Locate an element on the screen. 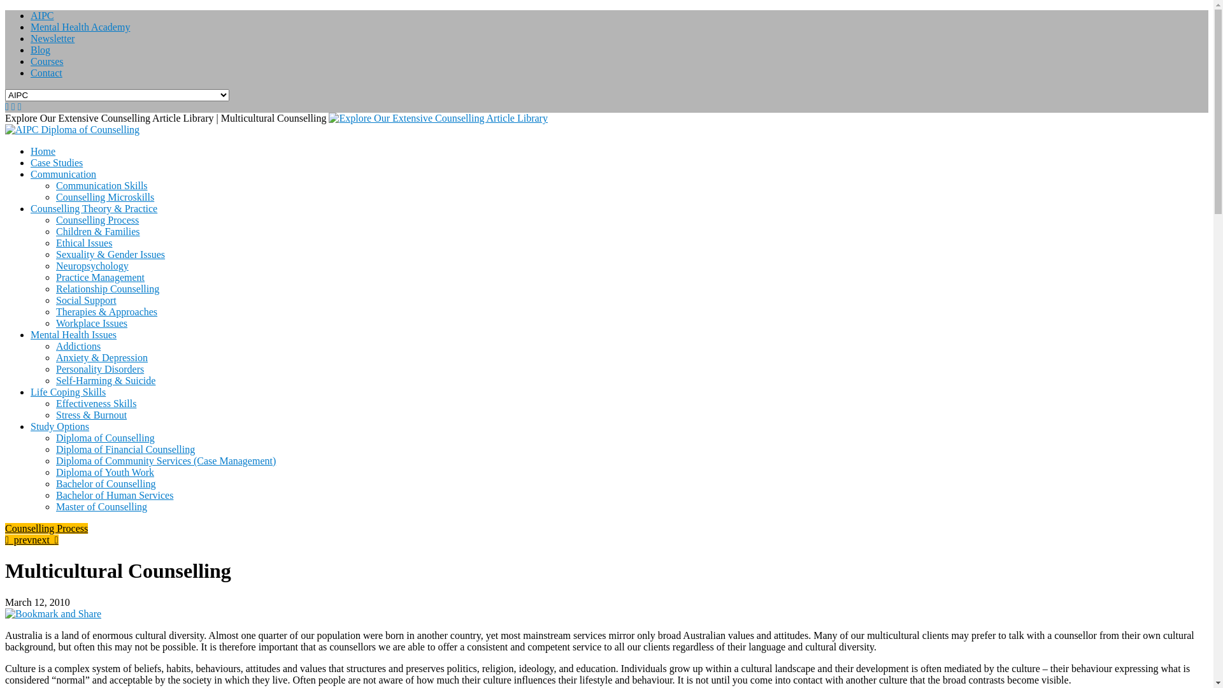 The height and width of the screenshot is (688, 1223). 'Practice Management' is located at coordinates (99, 276).